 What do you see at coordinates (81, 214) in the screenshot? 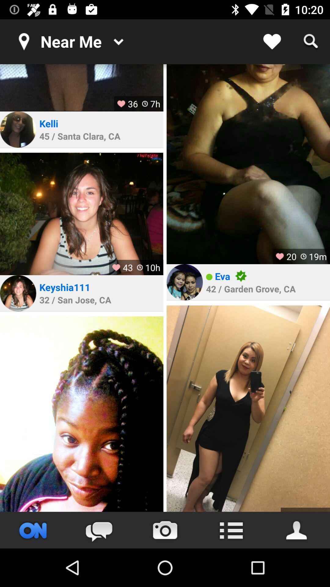
I see `the image` at bounding box center [81, 214].